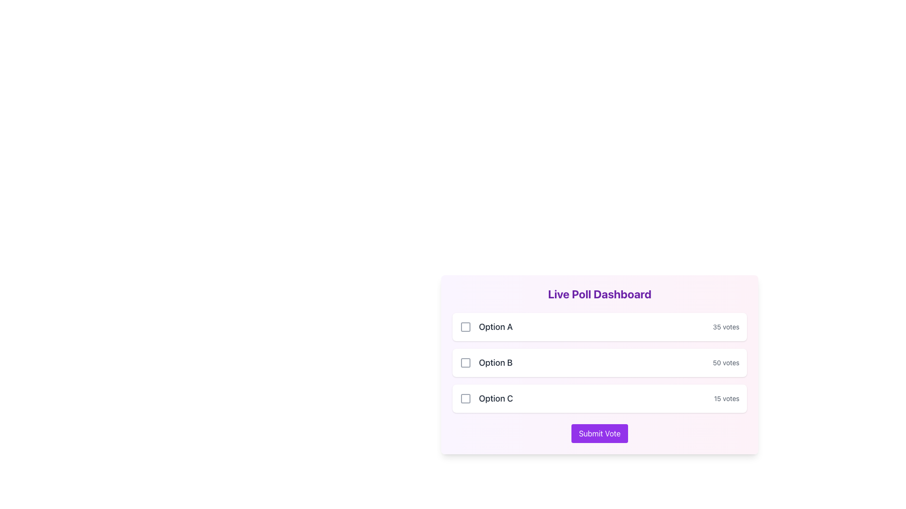 This screenshot has width=906, height=509. What do you see at coordinates (725, 327) in the screenshot?
I see `the text element displaying '35 votes', which is styled in a small gray font and located on the right side of the voting options for 'Option A'` at bounding box center [725, 327].